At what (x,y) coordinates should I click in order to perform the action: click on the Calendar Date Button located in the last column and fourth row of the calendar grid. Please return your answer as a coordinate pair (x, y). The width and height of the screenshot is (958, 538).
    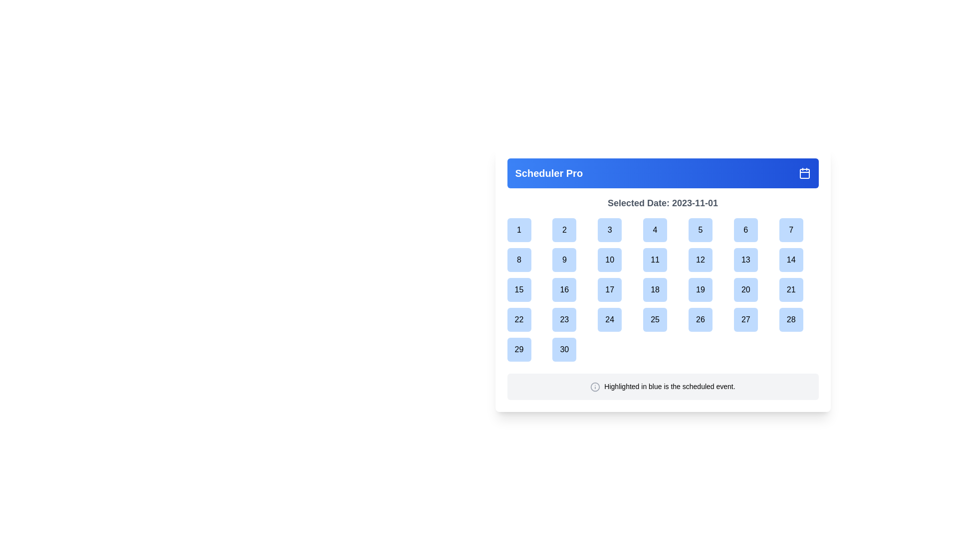
    Looking at the image, I should click on (799, 319).